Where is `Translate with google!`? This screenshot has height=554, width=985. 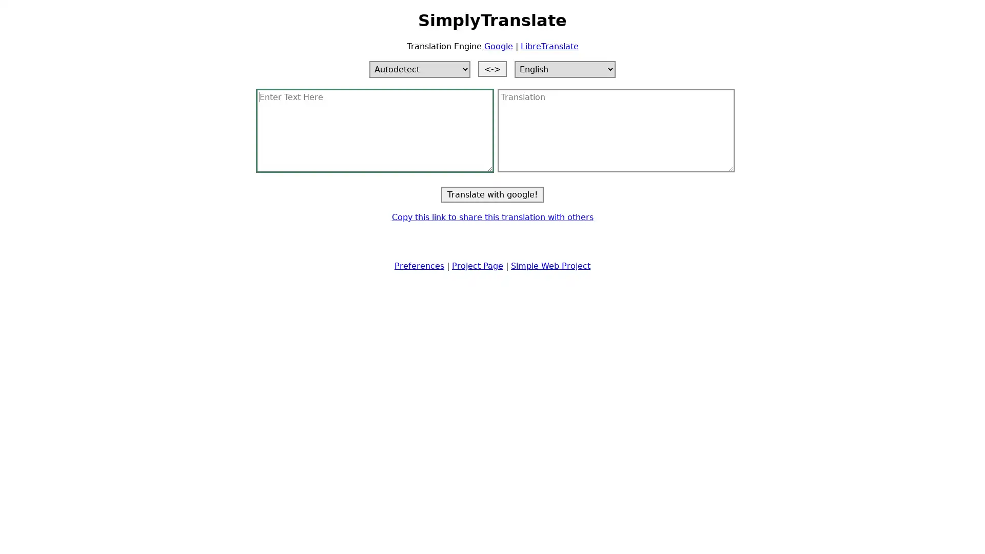 Translate with google! is located at coordinates (493, 194).